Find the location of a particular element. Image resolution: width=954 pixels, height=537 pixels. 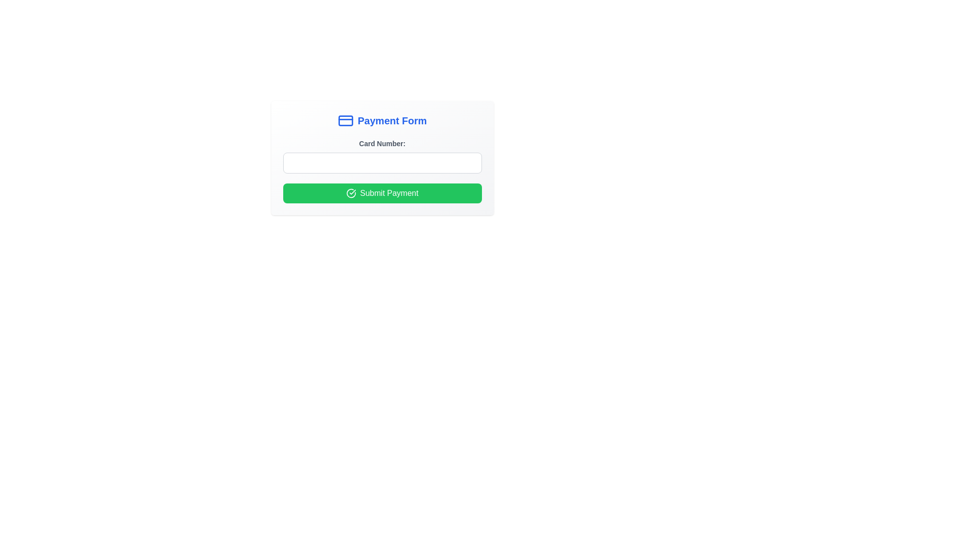

rectangular graphic element with rounded corners located at the top side of the credit card icon in the 'Payment Form' section is located at coordinates (346, 120).